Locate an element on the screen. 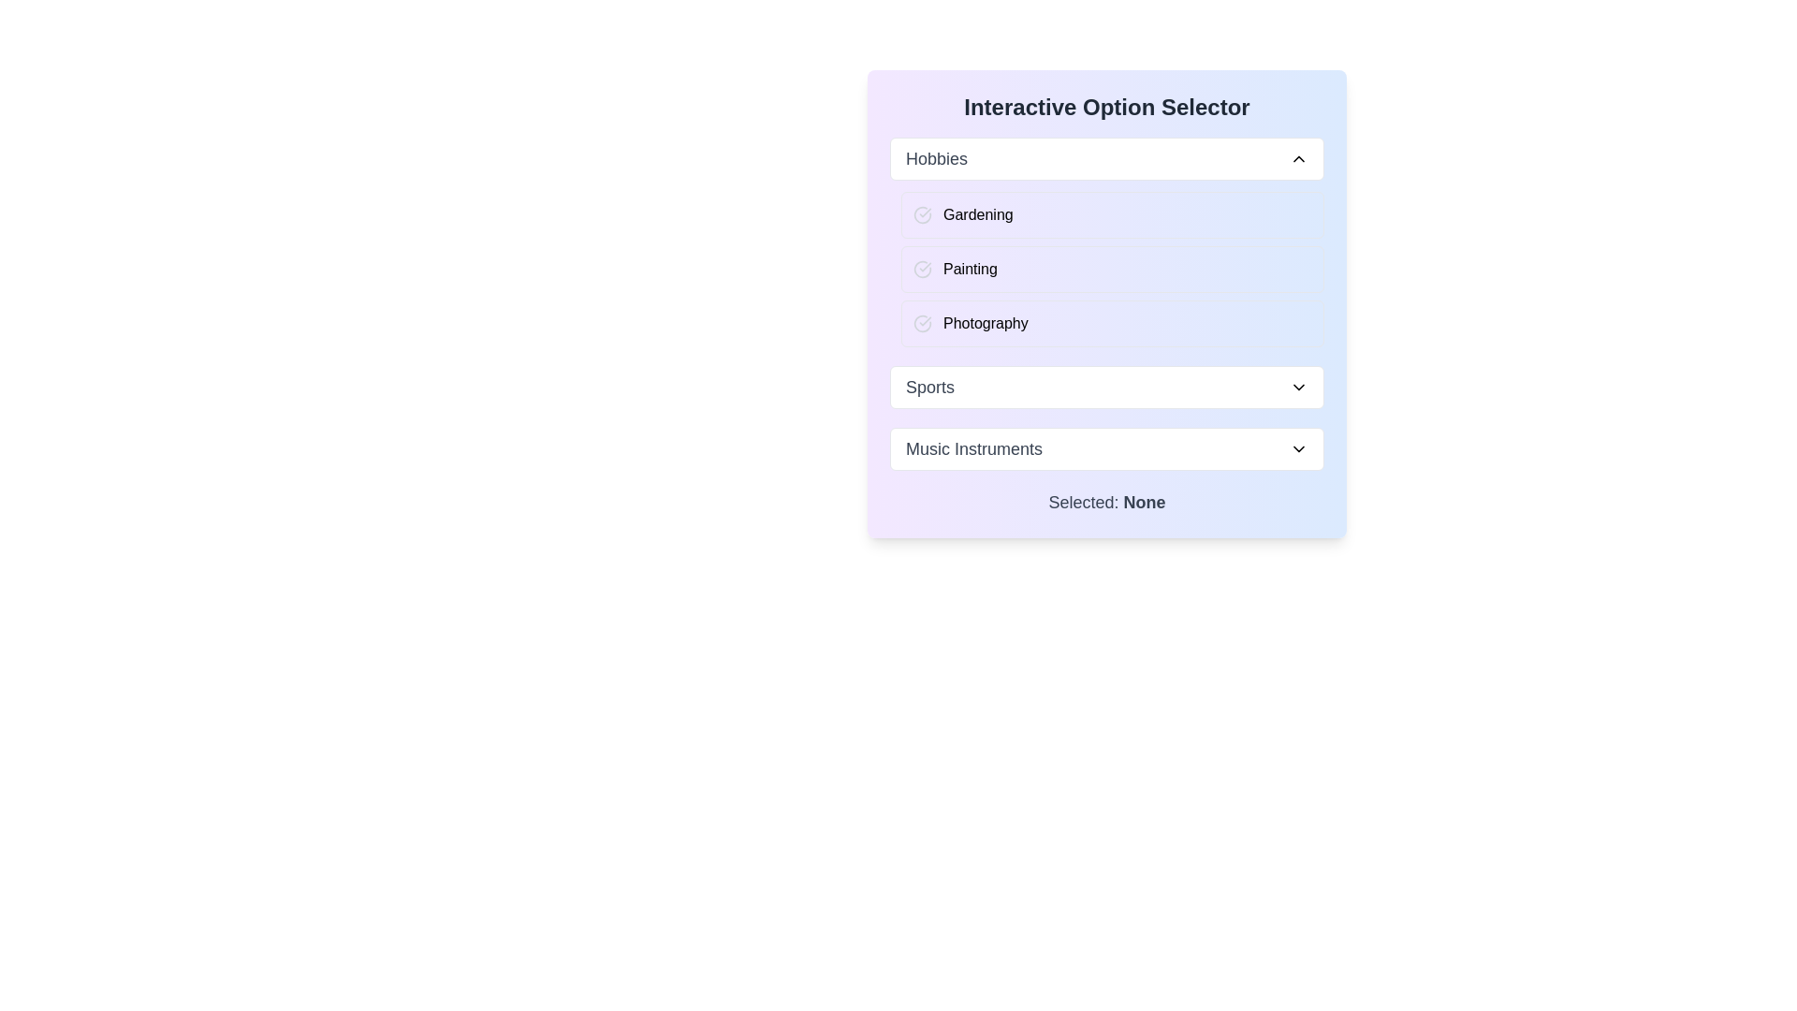 The image size is (1797, 1011). the bold text label displaying the word 'None' located to the right of 'Selected:' in the lower section of the interactive panel is located at coordinates (1144, 501).